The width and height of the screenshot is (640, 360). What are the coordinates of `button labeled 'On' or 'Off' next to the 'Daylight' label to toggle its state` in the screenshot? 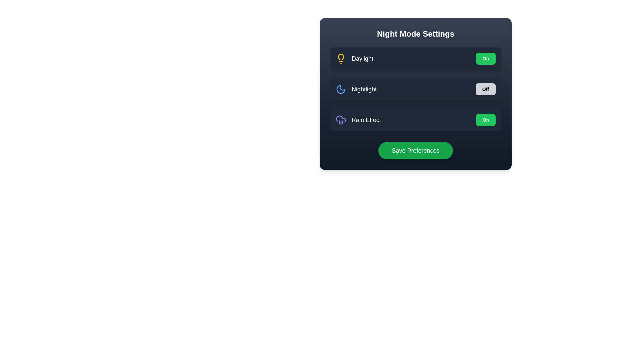 It's located at (486, 58).